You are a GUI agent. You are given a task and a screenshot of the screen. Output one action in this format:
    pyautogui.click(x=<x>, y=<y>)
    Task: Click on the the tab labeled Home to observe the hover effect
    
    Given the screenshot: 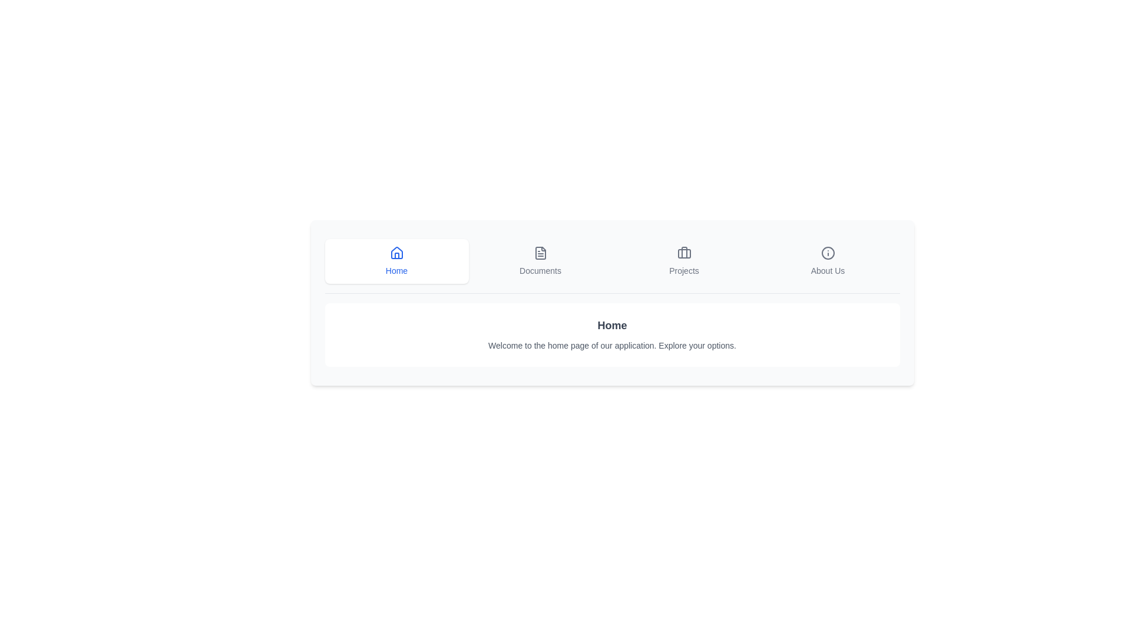 What is the action you would take?
    pyautogui.click(x=396, y=260)
    